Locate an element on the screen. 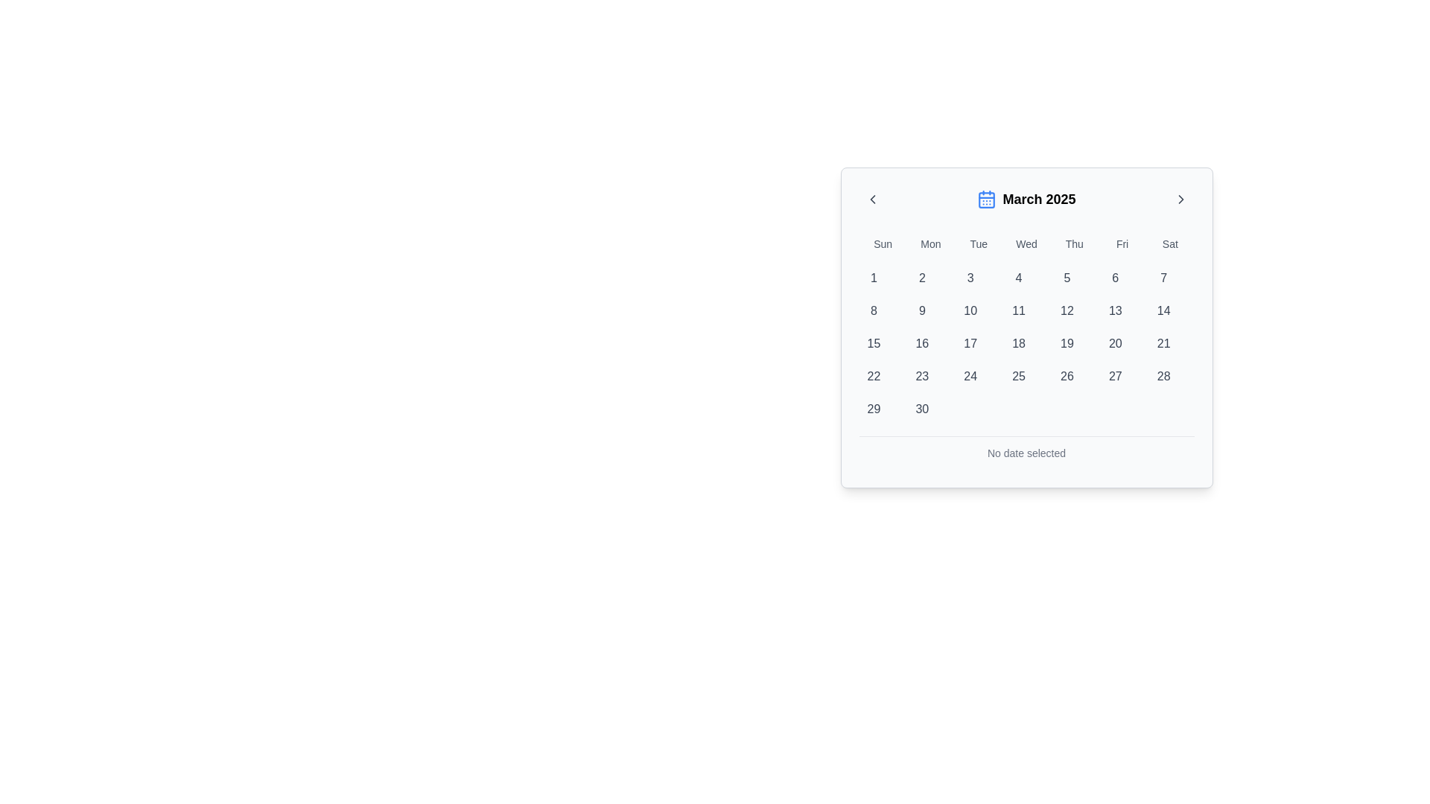  the circular button containing the text '30' in the last row of the calendar grid is located at coordinates (921, 409).